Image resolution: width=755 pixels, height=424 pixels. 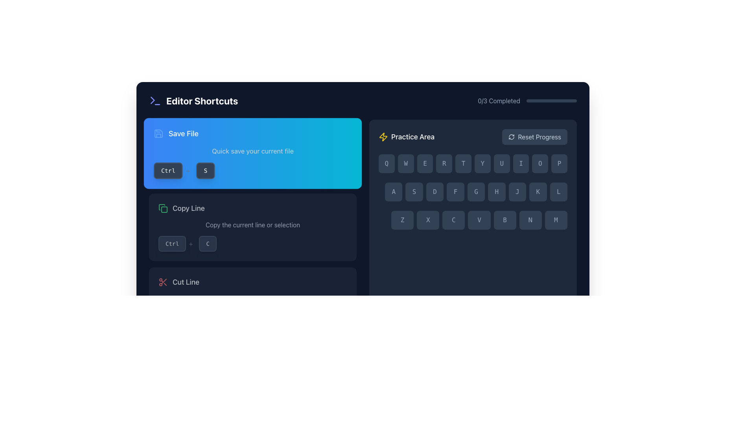 I want to click on the dark blue square button with rounded corners labeled 'V' in light gray text, located in the bottom row of the keyboard layout in the 'Practice Area' section, to simulate pressing the 'V' key, so click(x=479, y=220).